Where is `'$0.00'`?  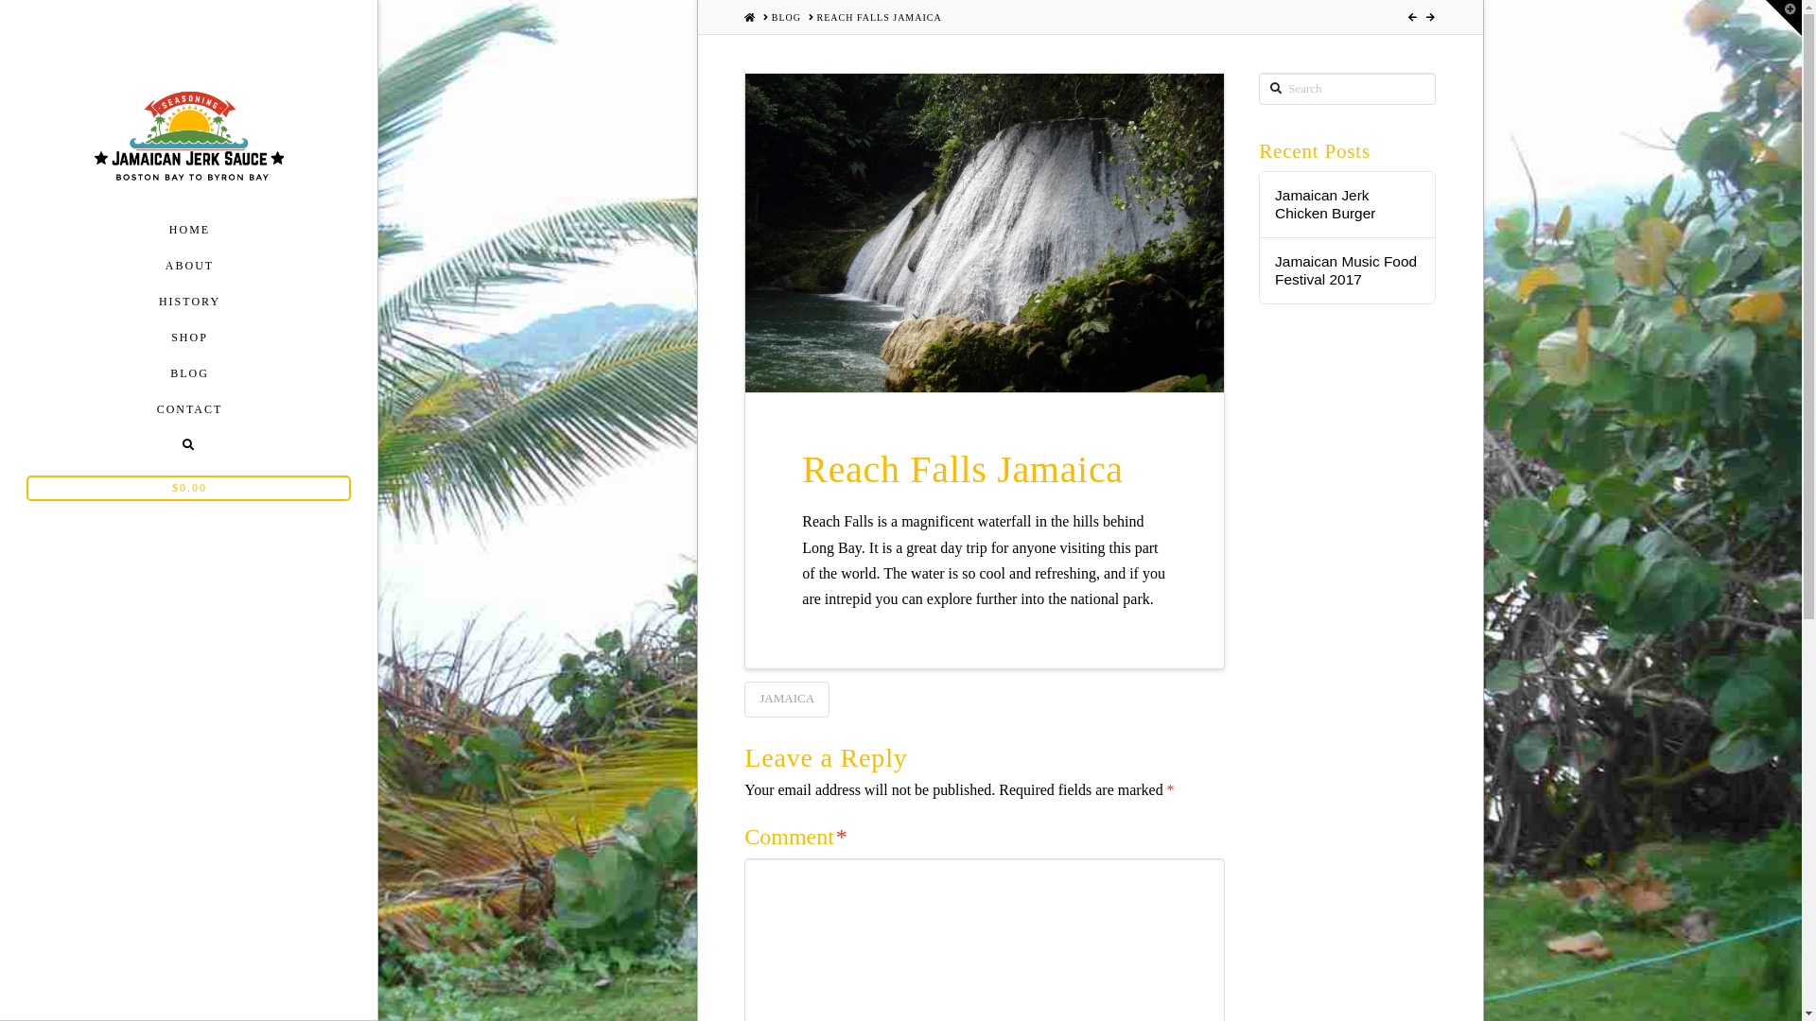
'$0.00' is located at coordinates (188, 487).